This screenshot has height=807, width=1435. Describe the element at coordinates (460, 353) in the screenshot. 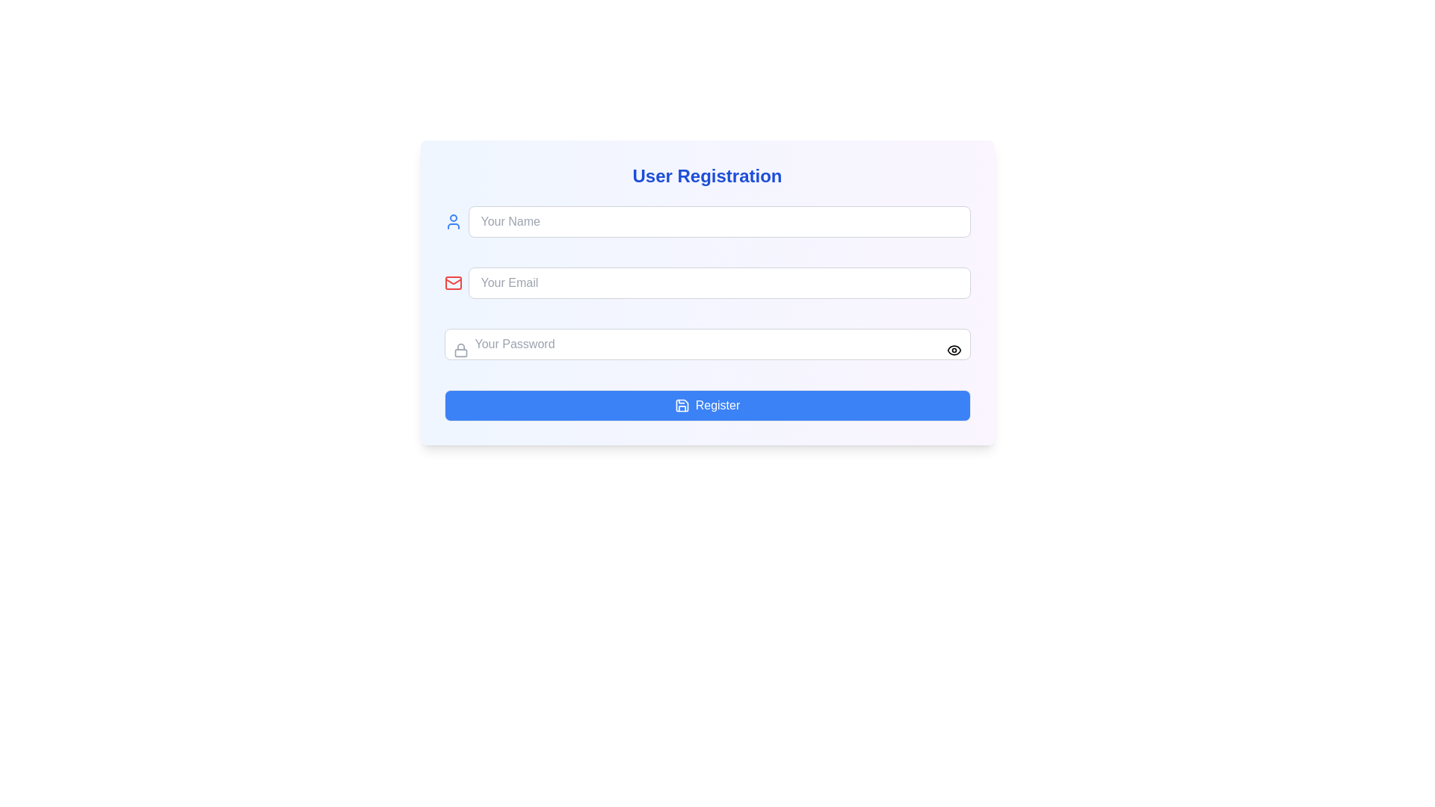

I see `the SVG element forming the main body of the lock icon, which visually indicates password protection for the input field labeled 'Your Password'` at that location.